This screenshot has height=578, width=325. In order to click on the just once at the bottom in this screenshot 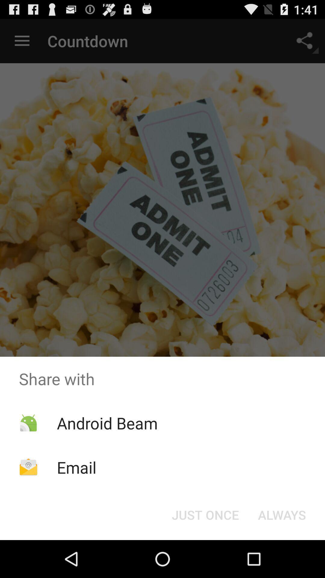, I will do `click(205, 514)`.